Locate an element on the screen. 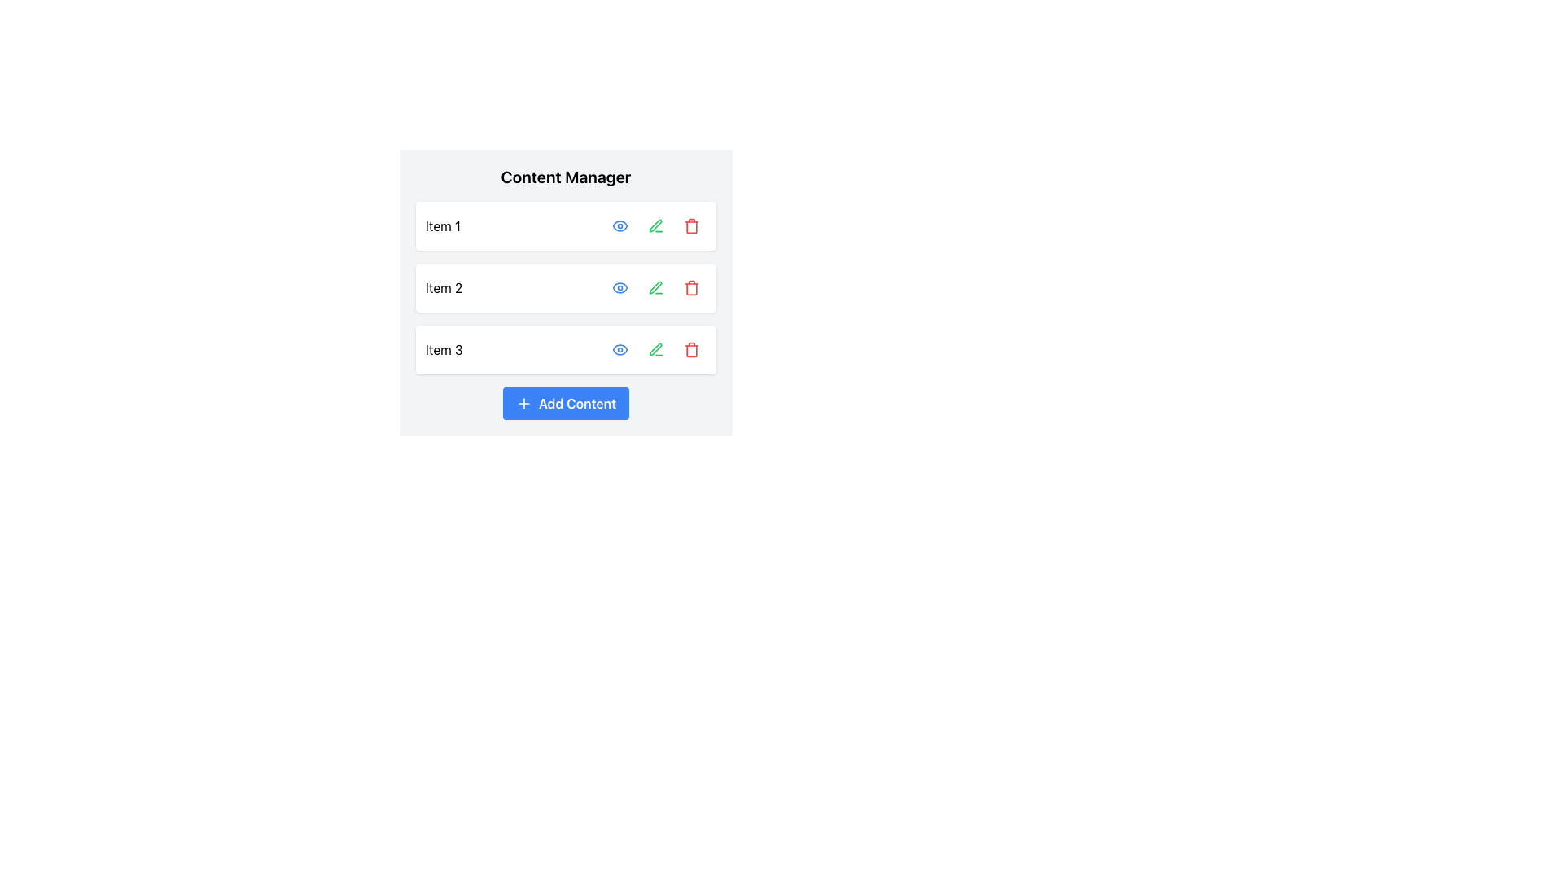 This screenshot has width=1563, height=879. the delete button located in the action buttons section of 'Item 1' in the 'Content Manager' interface is located at coordinates (691, 225).